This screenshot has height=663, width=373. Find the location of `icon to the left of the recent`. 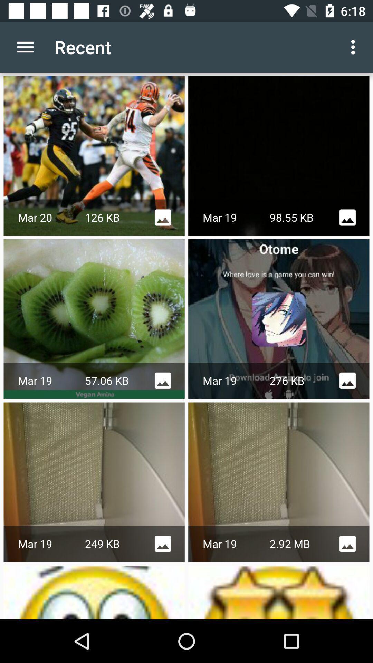

icon to the left of the recent is located at coordinates (25, 47).